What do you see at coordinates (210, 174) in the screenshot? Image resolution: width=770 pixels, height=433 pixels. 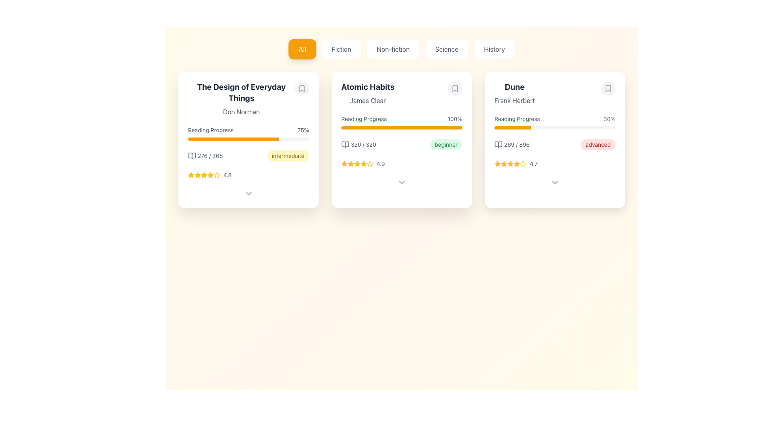 I see `the third star-shaped rating icon in the ratings section of 'The Design of Everyday Things' card, which is styled as an SVG graphic and colored orange-yellow` at bounding box center [210, 174].